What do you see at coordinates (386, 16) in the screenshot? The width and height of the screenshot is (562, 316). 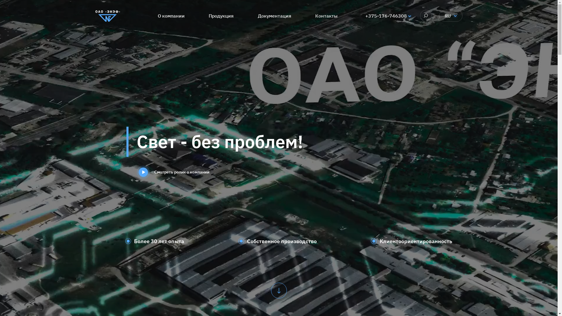 I see `'+375-176-746308'` at bounding box center [386, 16].